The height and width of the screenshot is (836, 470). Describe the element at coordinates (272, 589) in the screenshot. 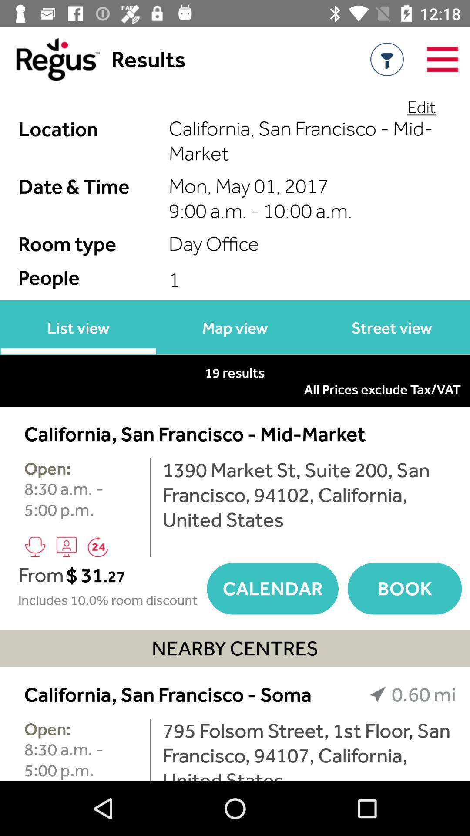

I see `the icon to the left of book icon` at that location.